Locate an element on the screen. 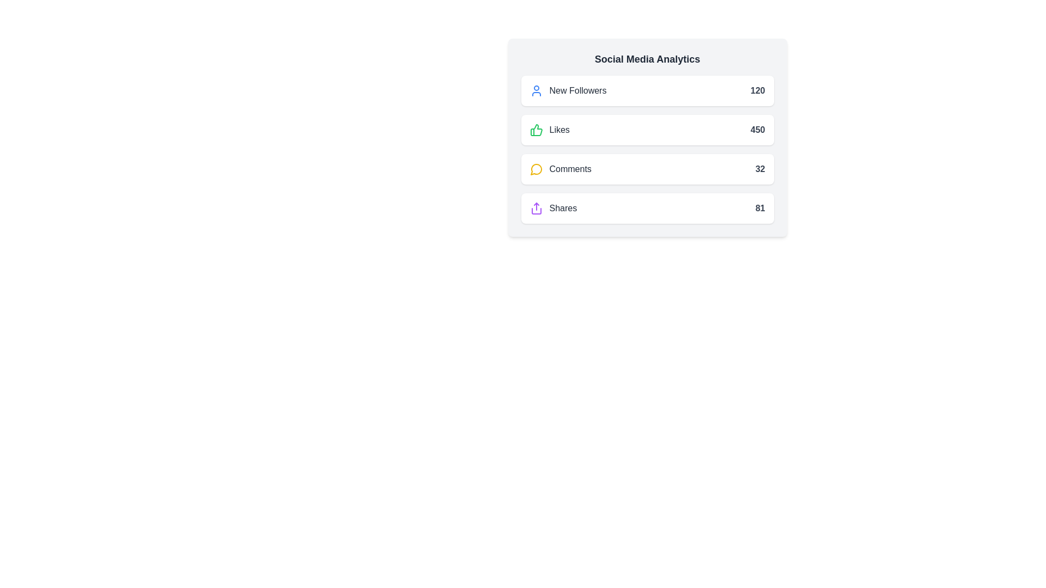 This screenshot has height=588, width=1046. the Informational Card displaying the number of shares, identified by the number '81', which is located at the bottom of the list, directly below the 'Comments 32' card is located at coordinates (647, 208).